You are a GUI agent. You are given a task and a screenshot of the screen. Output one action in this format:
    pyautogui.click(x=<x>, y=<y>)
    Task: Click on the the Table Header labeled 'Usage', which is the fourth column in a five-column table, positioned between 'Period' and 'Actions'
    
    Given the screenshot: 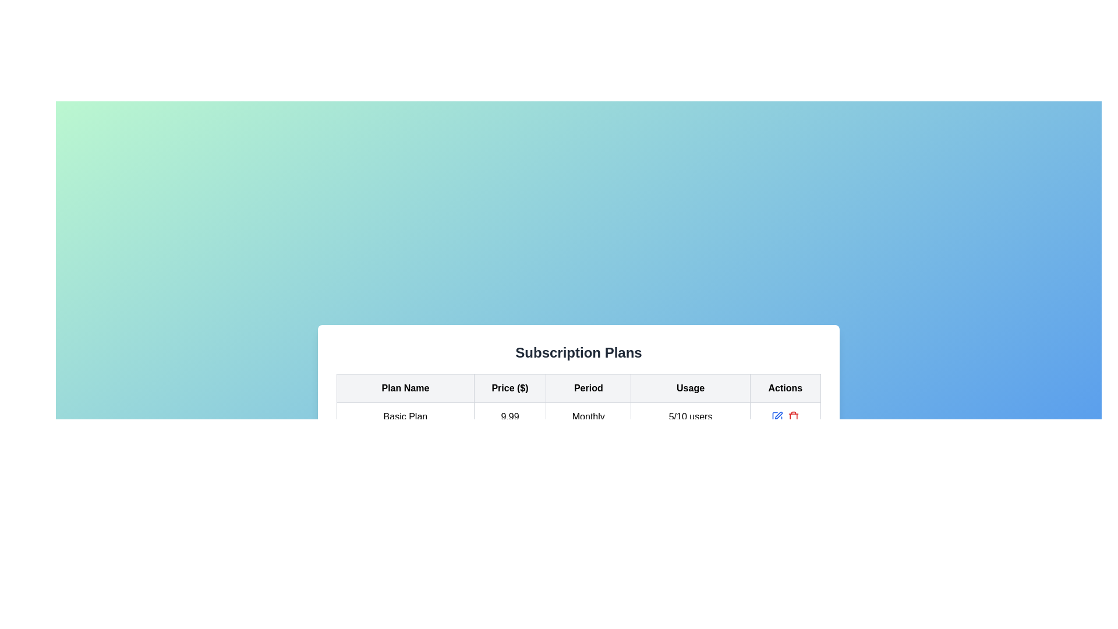 What is the action you would take?
    pyautogui.click(x=690, y=388)
    